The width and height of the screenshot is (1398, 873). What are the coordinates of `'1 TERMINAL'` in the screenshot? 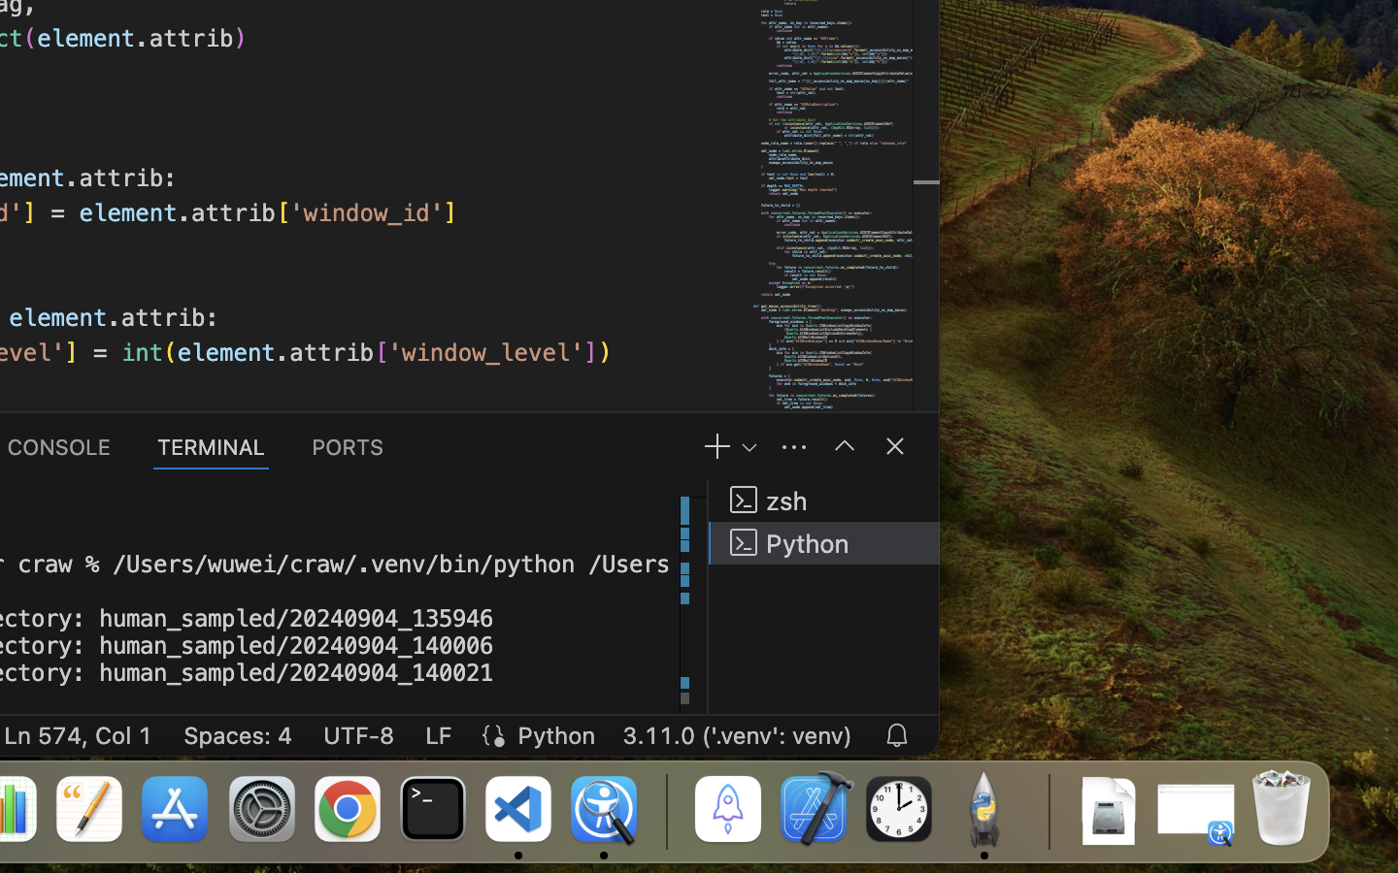 It's located at (212, 444).